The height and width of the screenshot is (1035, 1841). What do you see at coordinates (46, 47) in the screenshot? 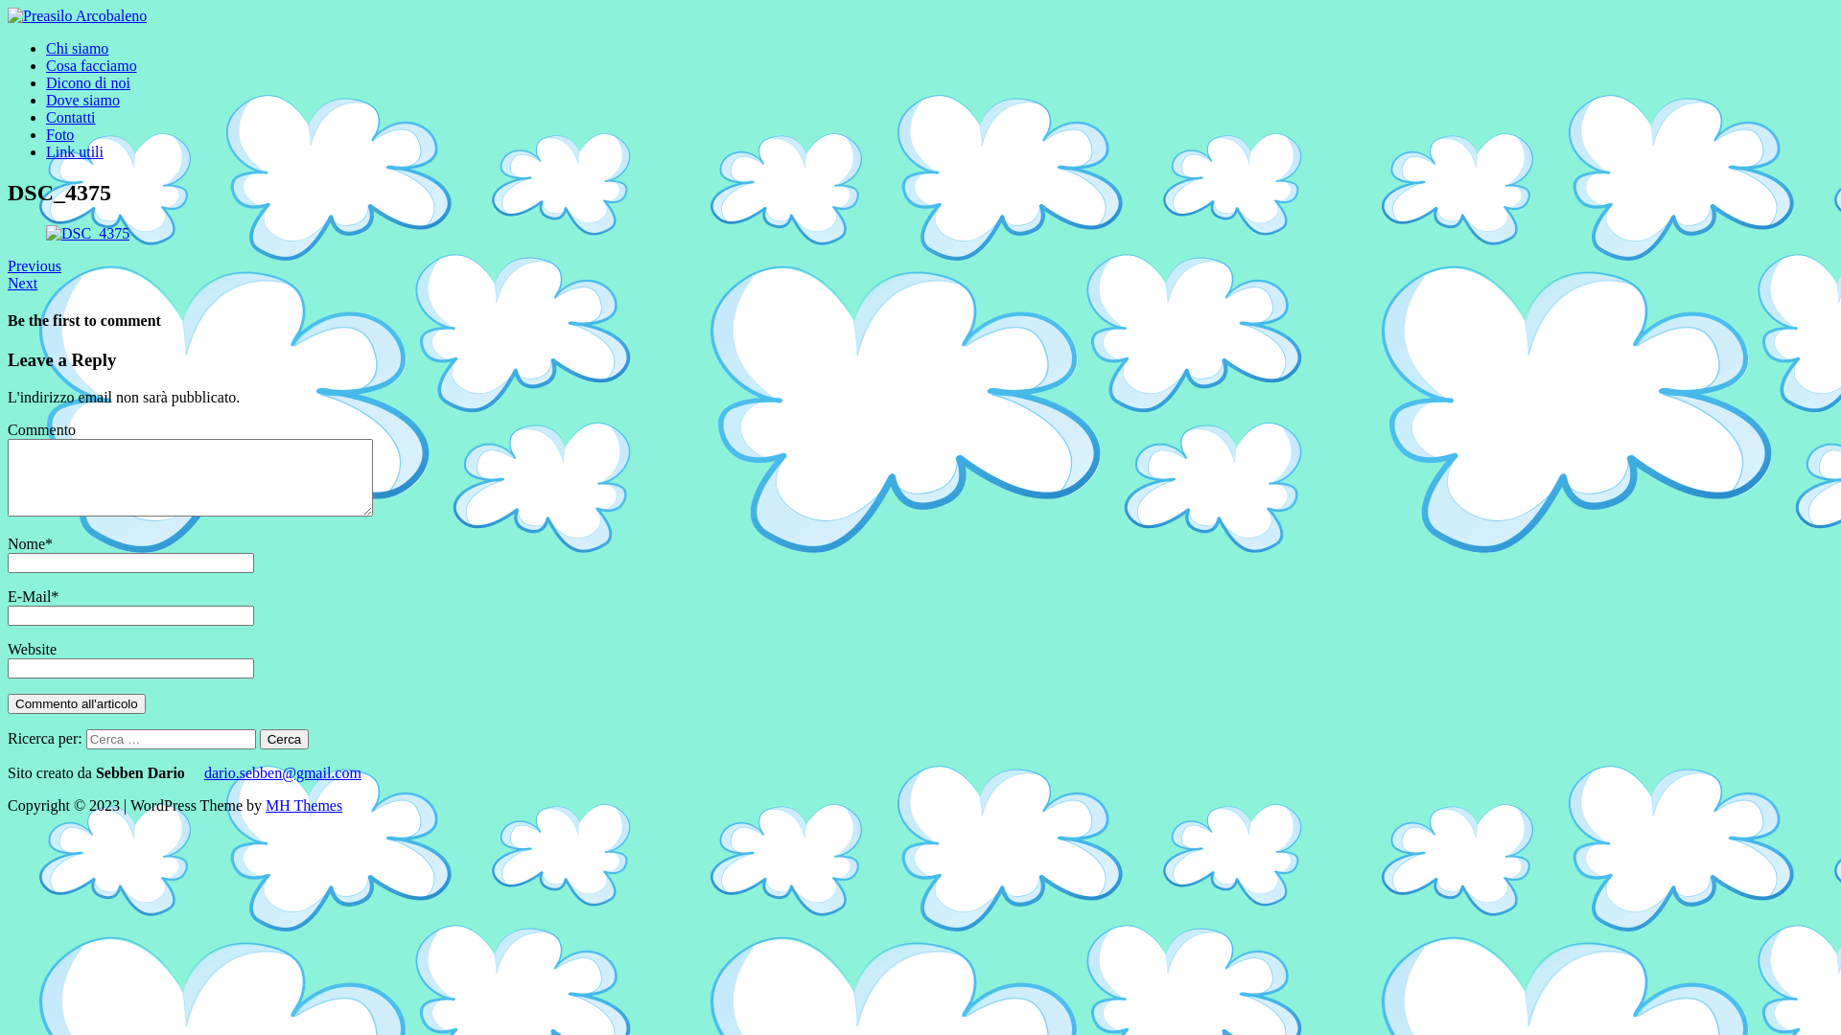
I see `'Chi siamo'` at bounding box center [46, 47].